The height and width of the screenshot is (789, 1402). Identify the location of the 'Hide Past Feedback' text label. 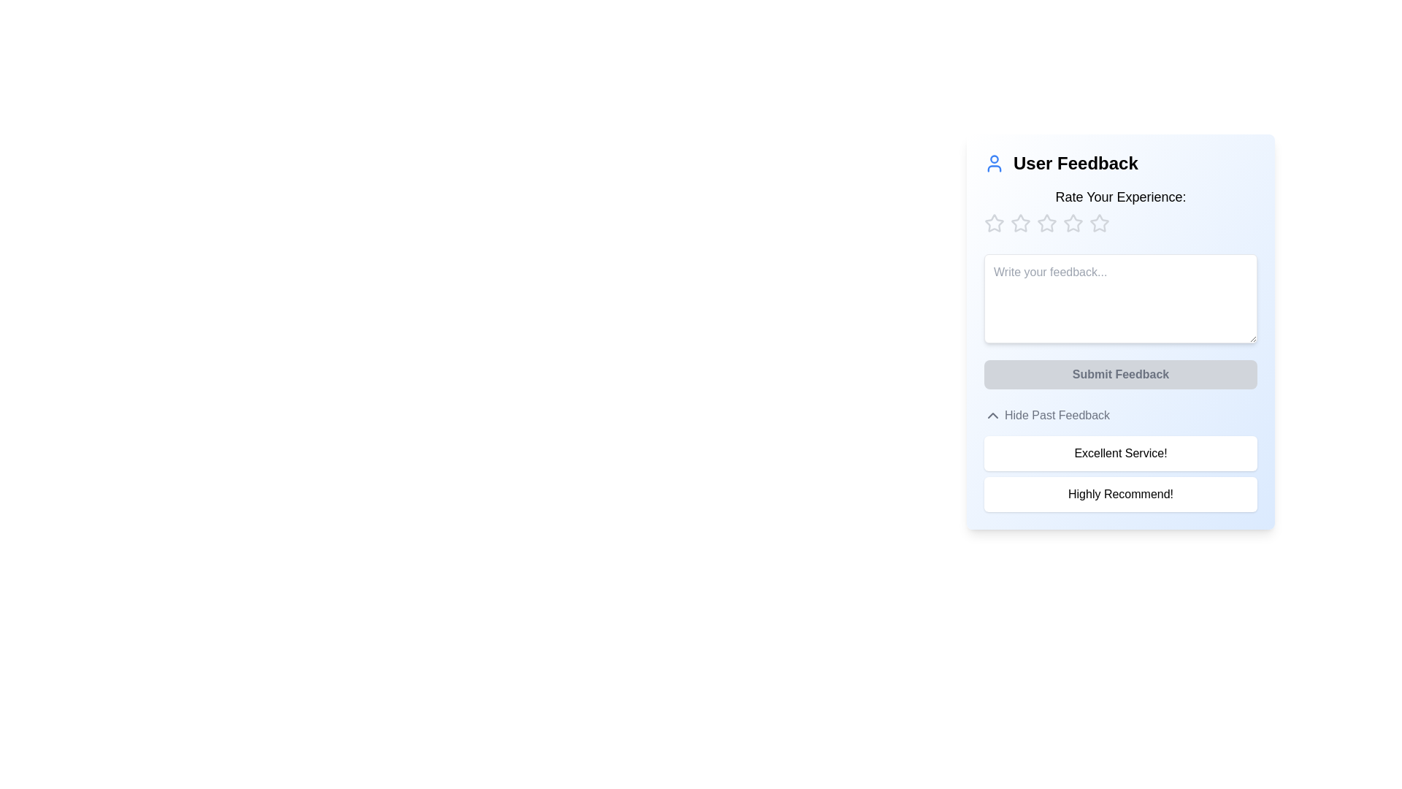
(1057, 416).